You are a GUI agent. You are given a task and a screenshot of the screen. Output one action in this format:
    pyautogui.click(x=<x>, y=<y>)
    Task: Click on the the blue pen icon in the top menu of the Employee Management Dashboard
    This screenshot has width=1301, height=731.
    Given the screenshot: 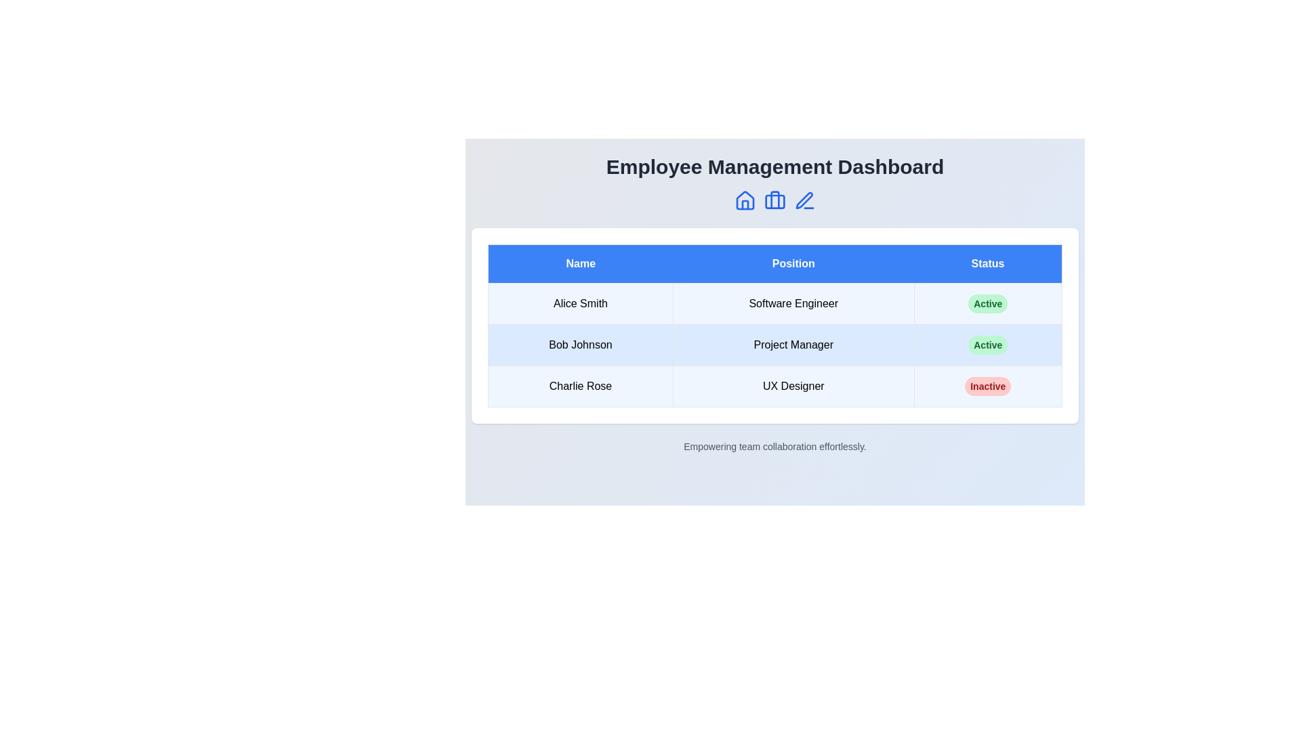 What is the action you would take?
    pyautogui.click(x=805, y=201)
    